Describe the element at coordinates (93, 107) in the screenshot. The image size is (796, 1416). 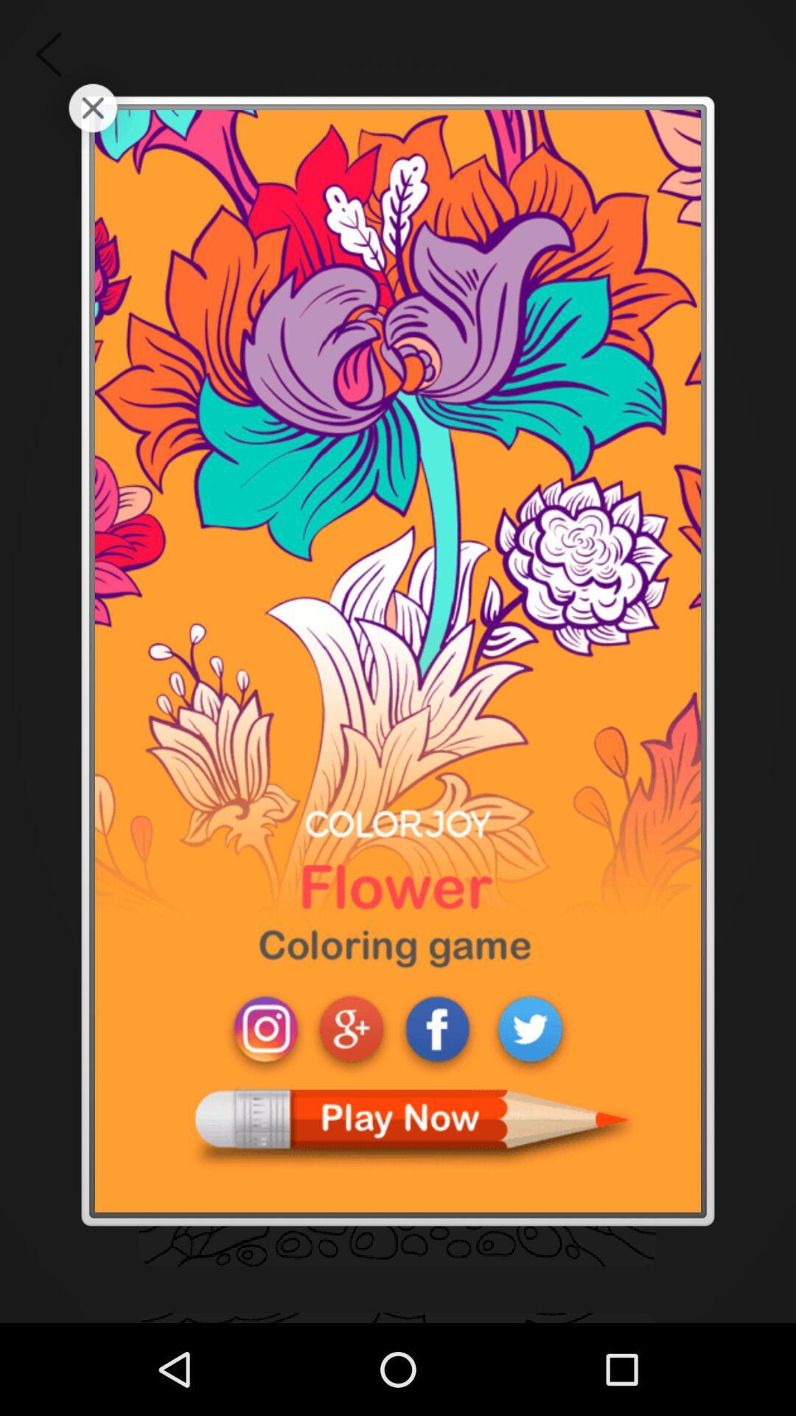
I see `item at the top left corner` at that location.